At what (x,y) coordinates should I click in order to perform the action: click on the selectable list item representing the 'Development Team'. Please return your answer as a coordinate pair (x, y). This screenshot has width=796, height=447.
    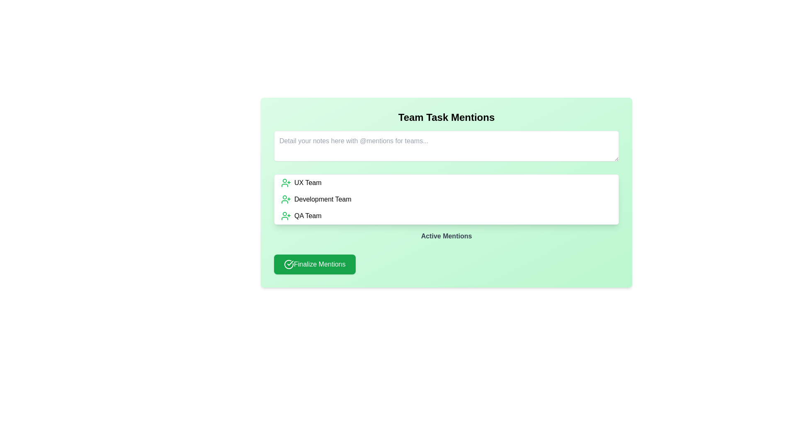
    Looking at the image, I should click on (446, 199).